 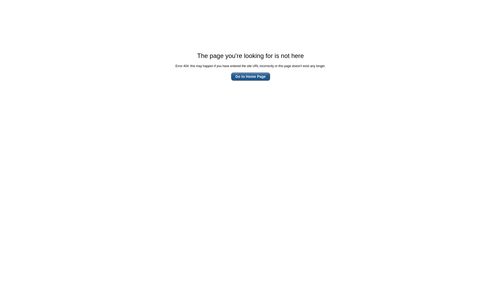 What do you see at coordinates (231, 77) in the screenshot?
I see `'Go to Home Page'` at bounding box center [231, 77].